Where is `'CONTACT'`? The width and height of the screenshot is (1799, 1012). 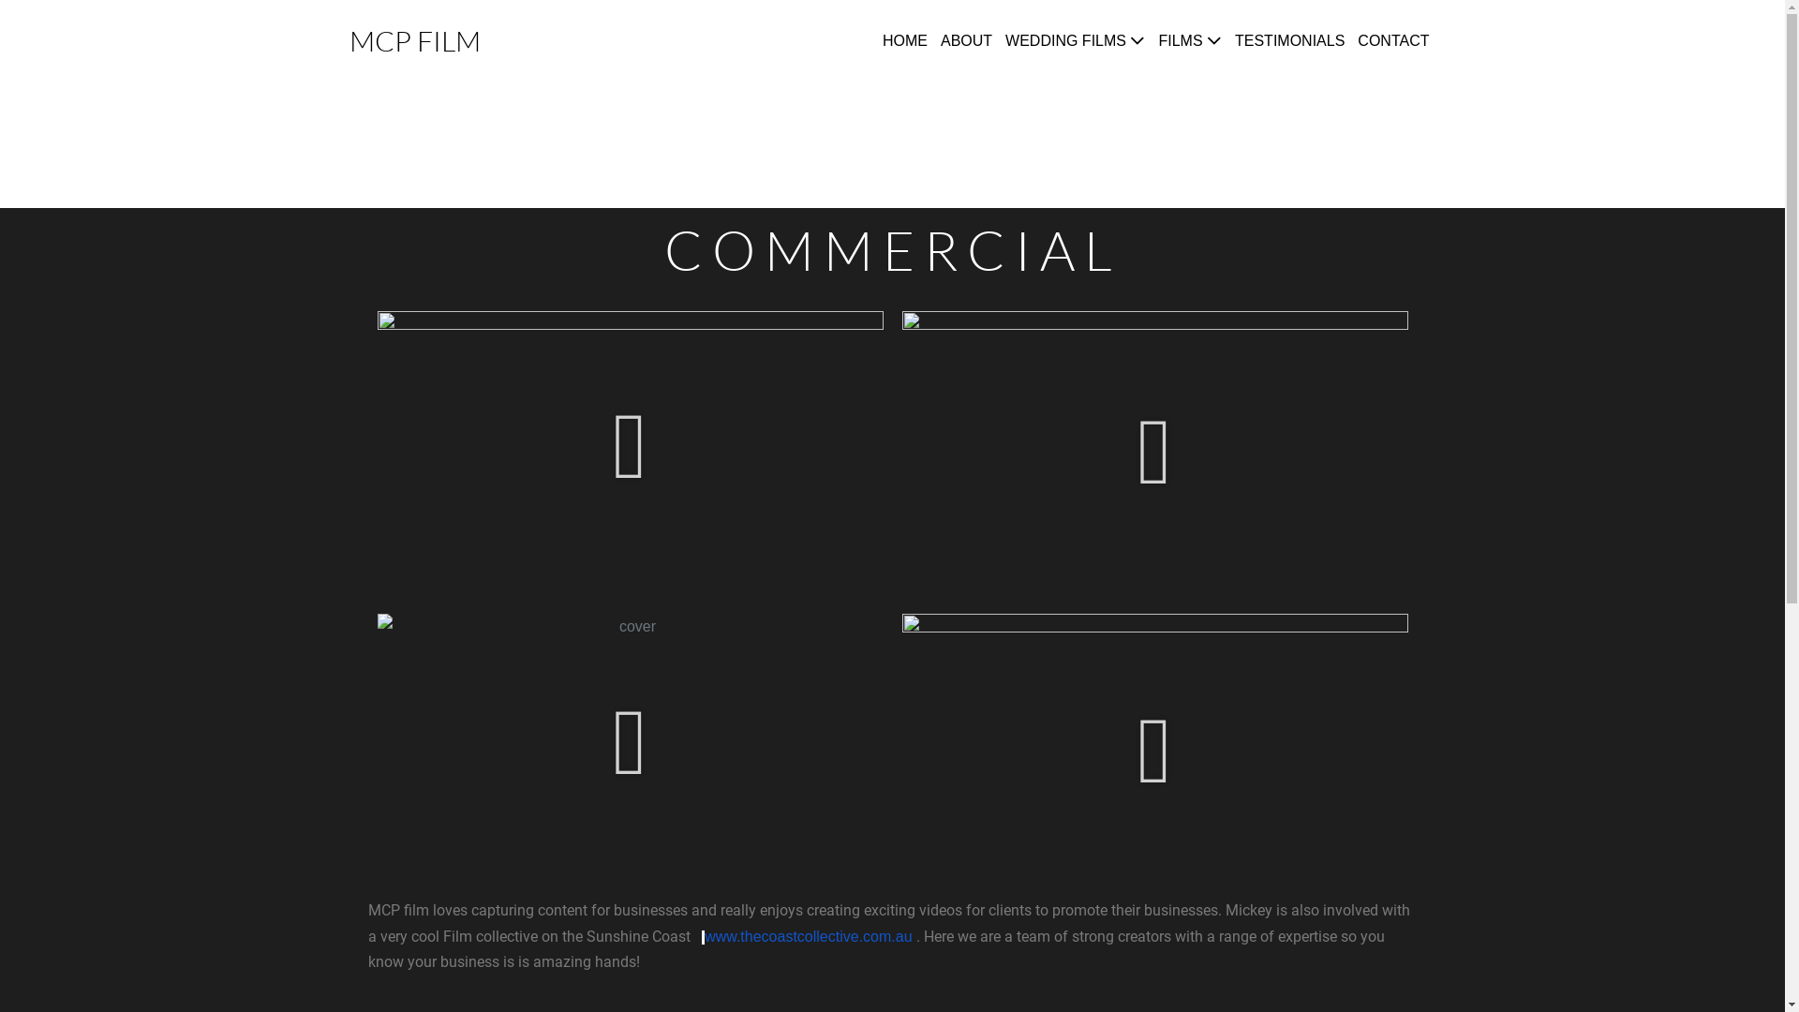 'CONTACT' is located at coordinates (1393, 40).